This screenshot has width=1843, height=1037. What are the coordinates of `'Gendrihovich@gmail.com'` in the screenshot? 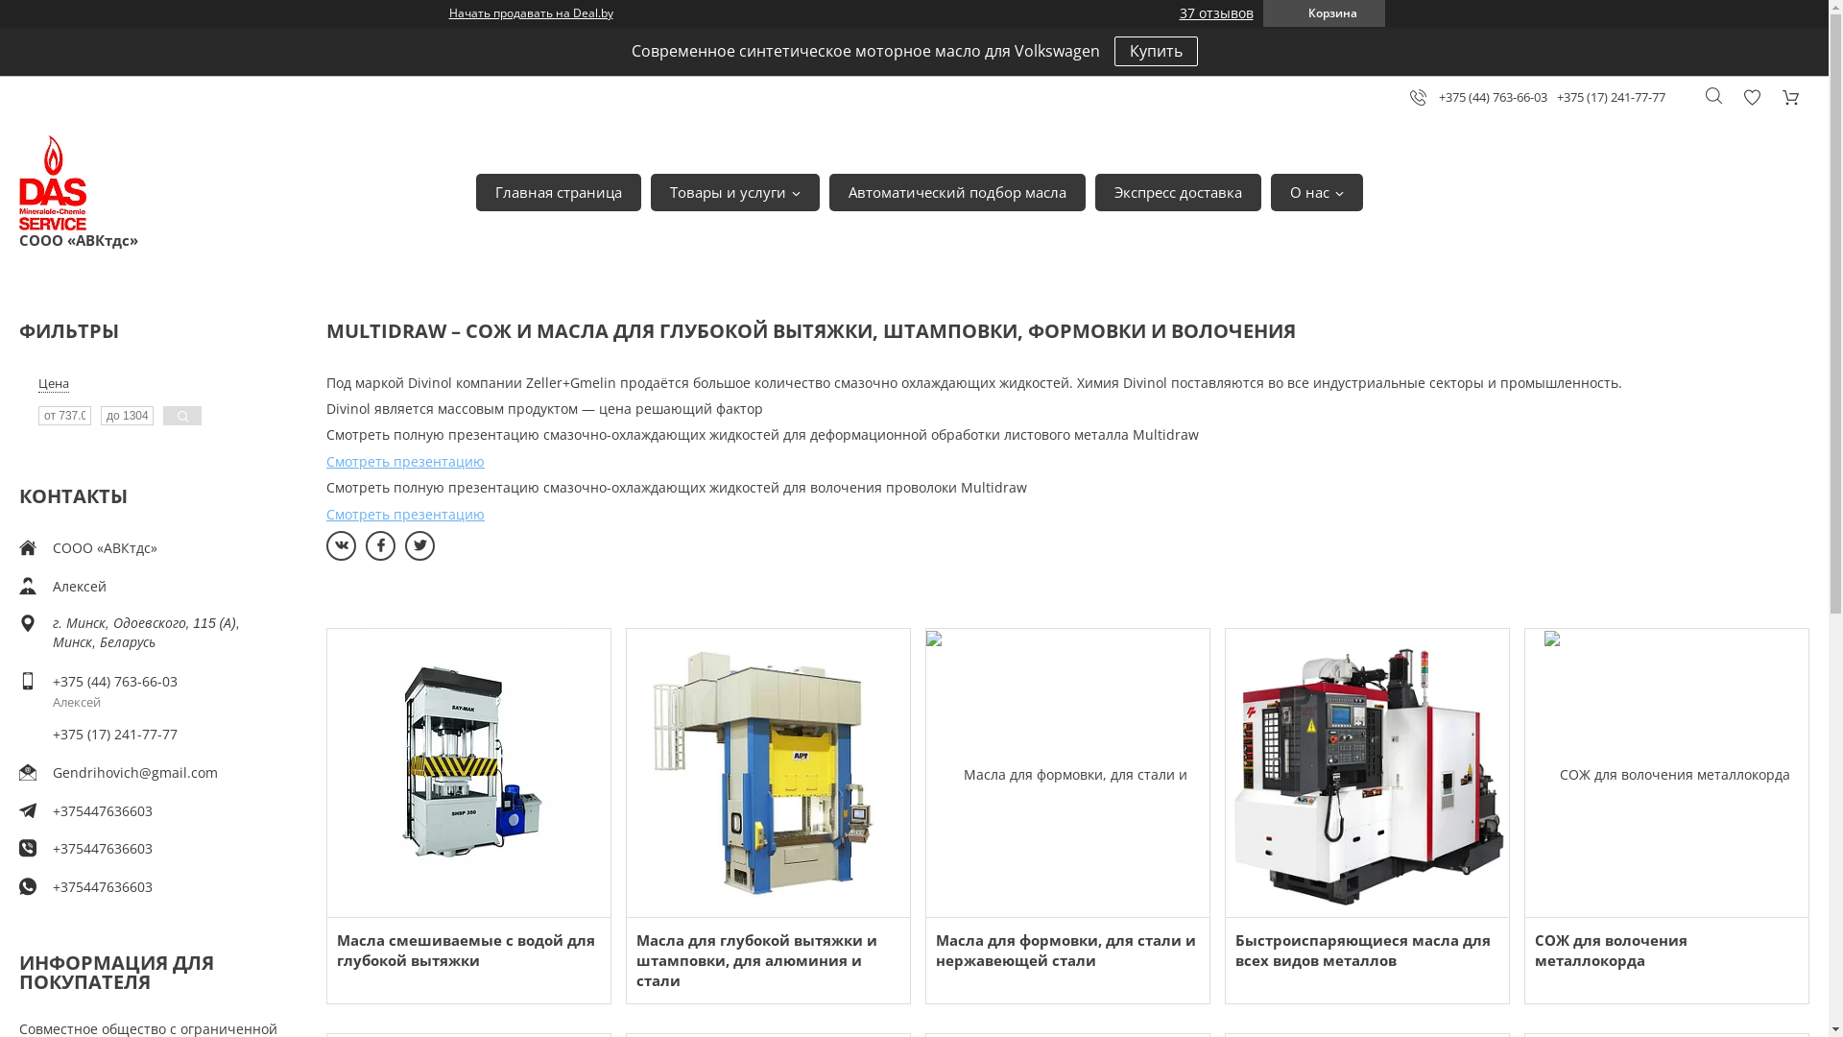 It's located at (52, 771).